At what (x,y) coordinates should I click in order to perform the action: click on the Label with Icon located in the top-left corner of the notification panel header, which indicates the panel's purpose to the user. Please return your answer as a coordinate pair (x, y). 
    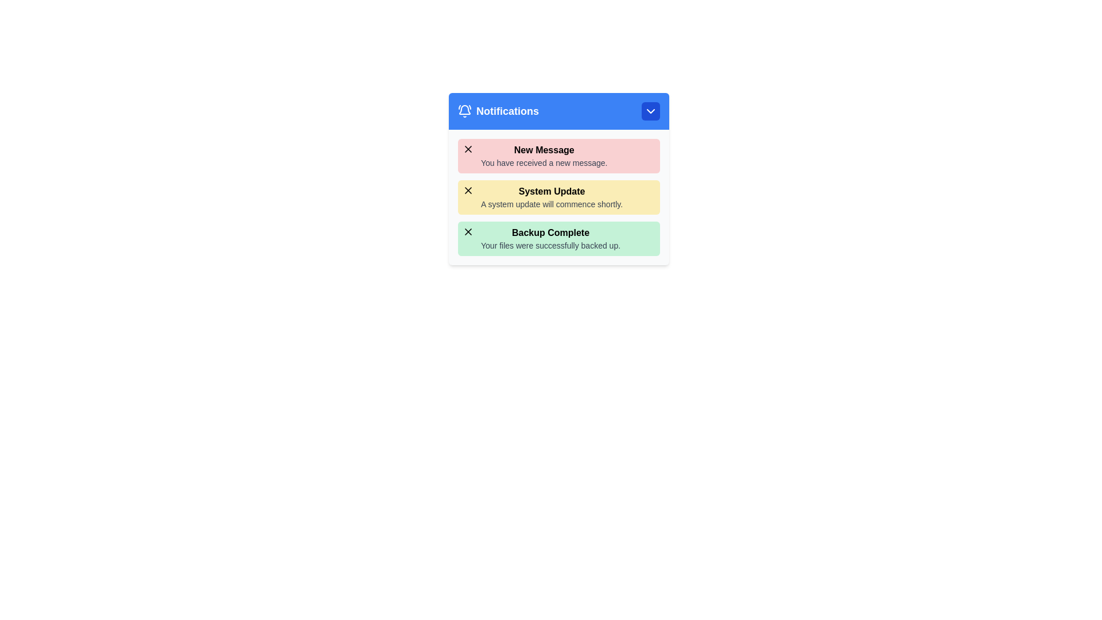
    Looking at the image, I should click on (498, 111).